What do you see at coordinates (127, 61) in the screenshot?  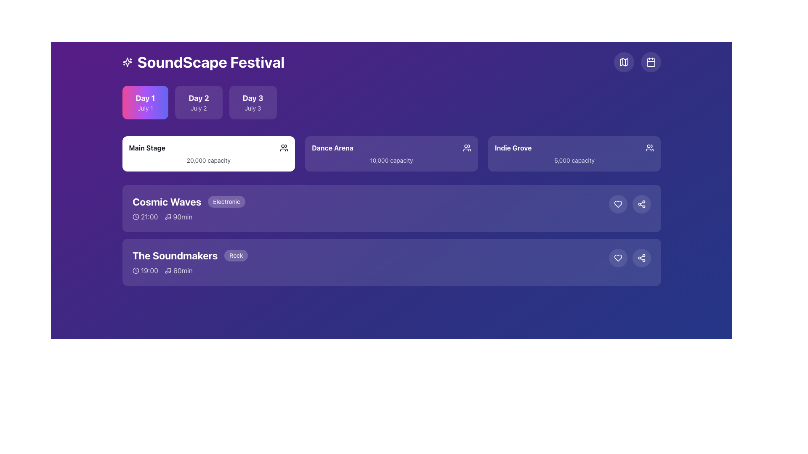 I see `the decorative starburst icon located at the top-left corner of the interface, adjacent to the 'SoundScape Festival' heading` at bounding box center [127, 61].